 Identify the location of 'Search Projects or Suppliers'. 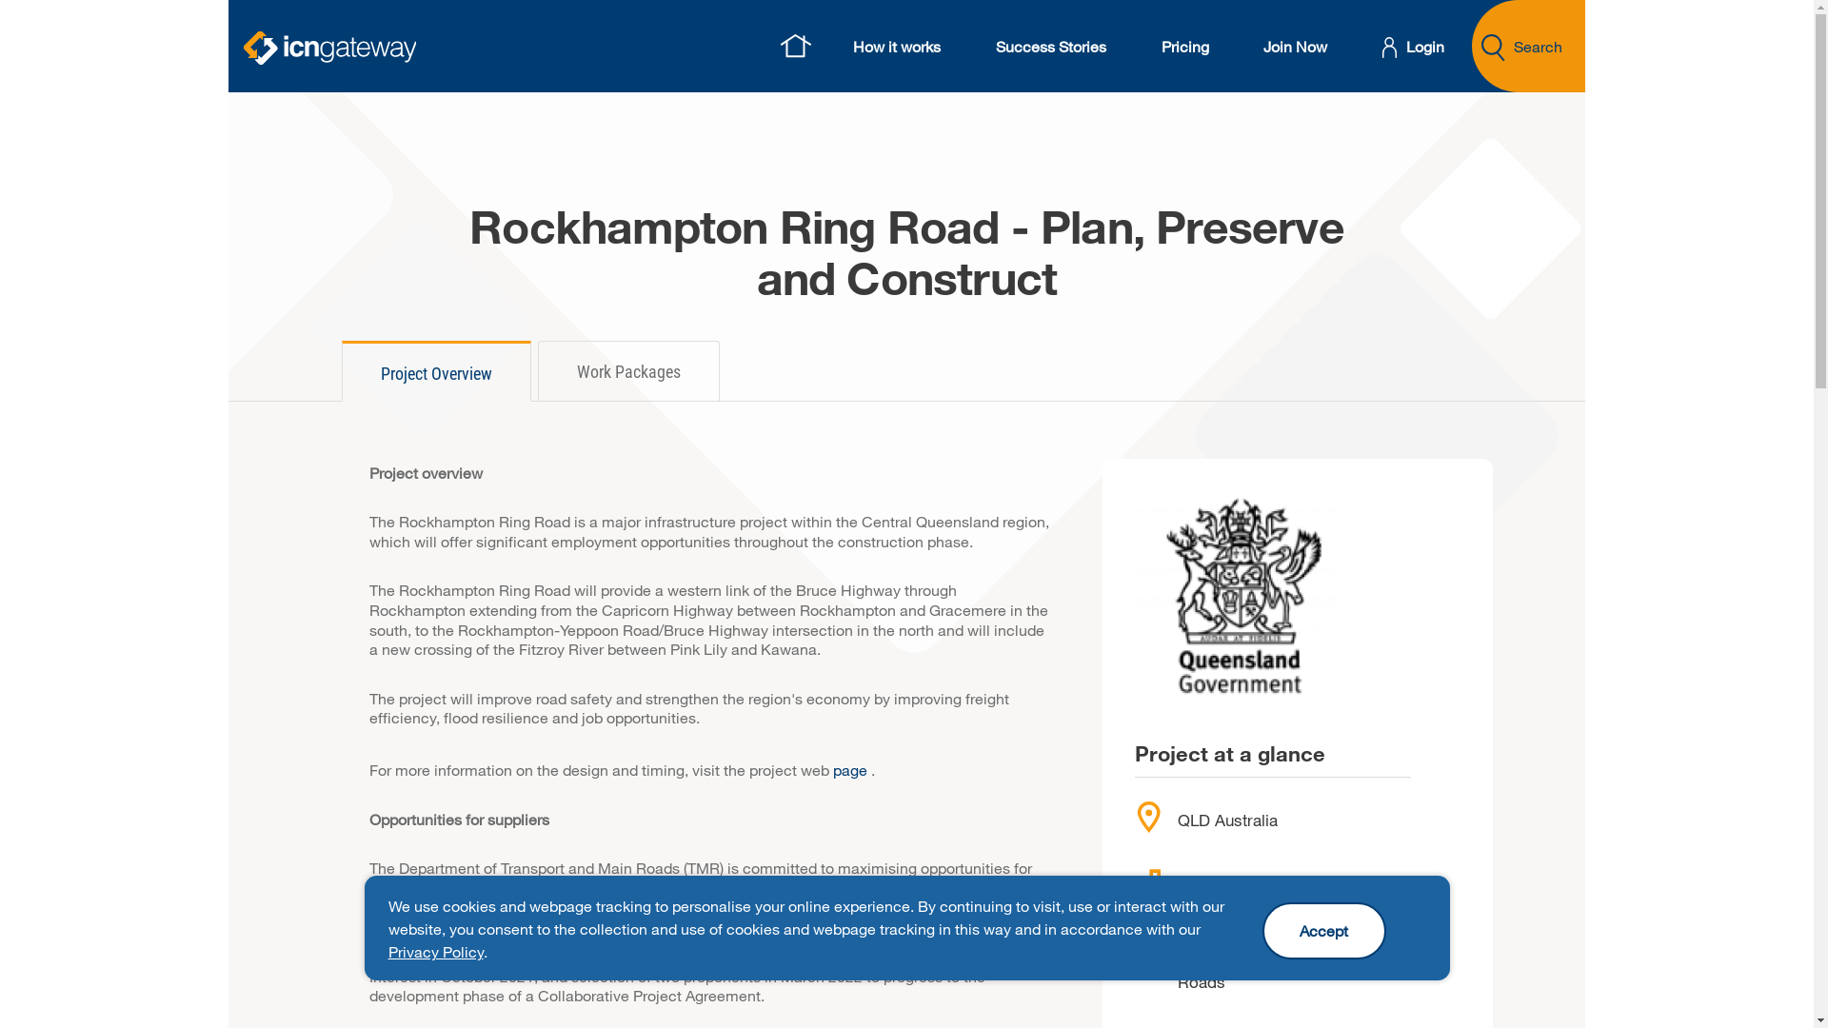
(1492, 47).